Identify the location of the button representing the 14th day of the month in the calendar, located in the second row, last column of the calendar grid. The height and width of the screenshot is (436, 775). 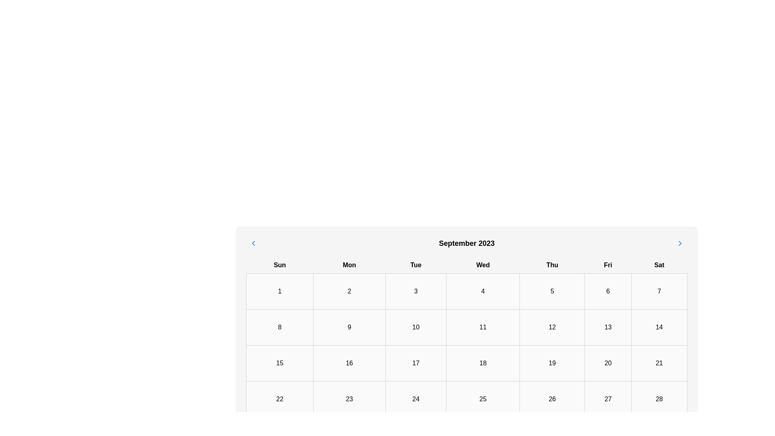
(659, 327).